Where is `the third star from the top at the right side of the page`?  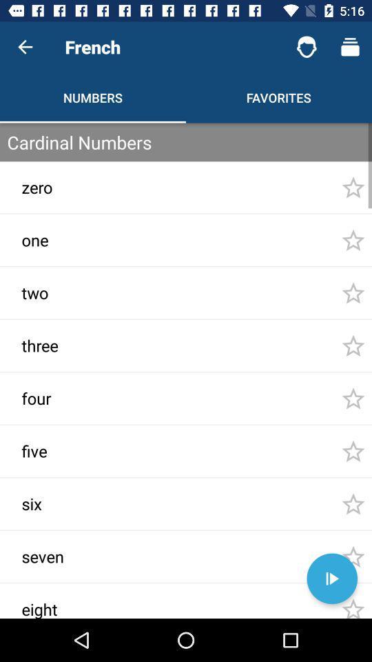
the third star from the top at the right side of the page is located at coordinates (353, 292).